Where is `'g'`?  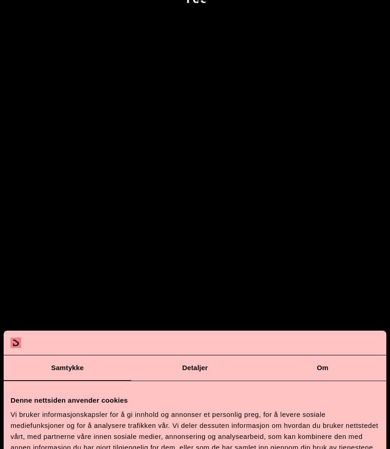
'g' is located at coordinates (115, 418).